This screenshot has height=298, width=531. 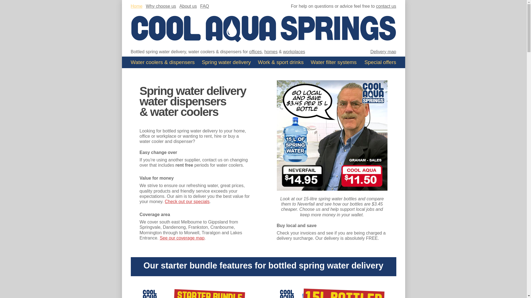 I want to click on 'Home', so click(x=136, y=6).